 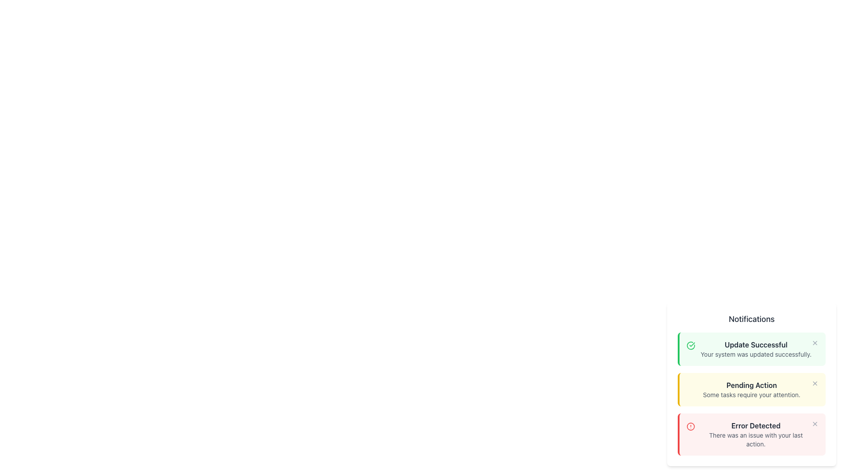 What do you see at coordinates (751, 395) in the screenshot?
I see `information from the text label that contains 'Some tasks require your attention.' located in the middle section of the notification card below the 'Pending Action' header` at bounding box center [751, 395].